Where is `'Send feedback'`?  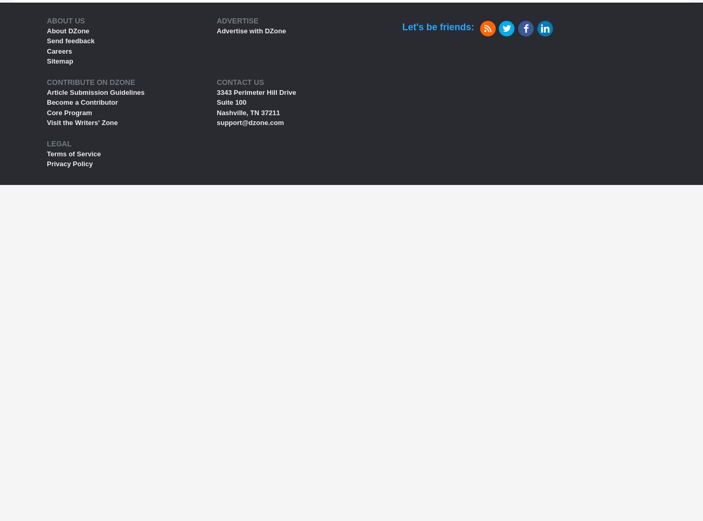
'Send feedback' is located at coordinates (70, 40).